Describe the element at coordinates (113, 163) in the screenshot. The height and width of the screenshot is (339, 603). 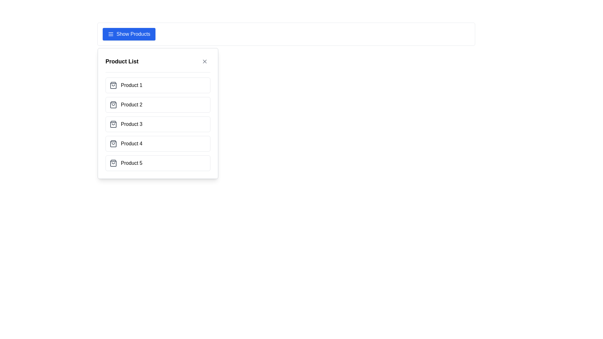
I see `the graphical icon resembling a bag that is part of the dropdown list titled 'Product List', specifically aligned with the fifth item labeled 'Product 5'` at that location.